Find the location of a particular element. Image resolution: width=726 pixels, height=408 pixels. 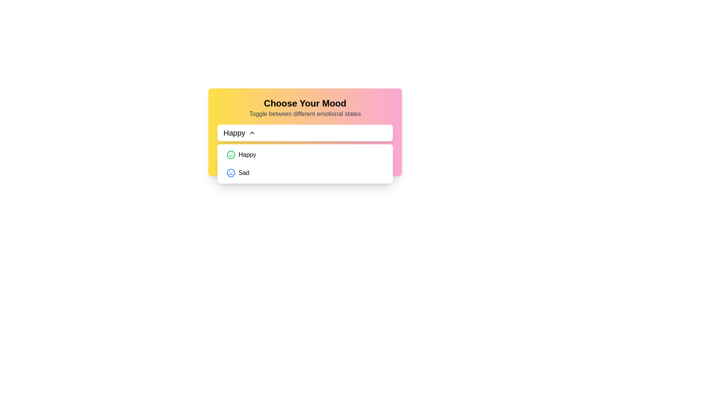

the circular graphic element located at the center of the sad face icon, which is positioned below the happy mood icon is located at coordinates (230, 173).